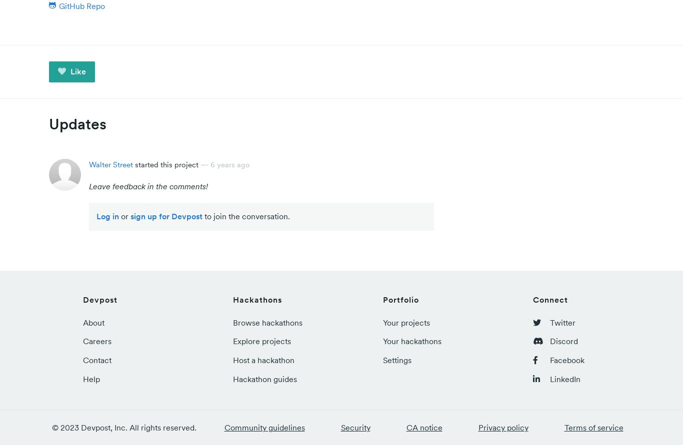 The height and width of the screenshot is (445, 683). Describe the element at coordinates (76, 71) in the screenshot. I see `'Like'` at that location.